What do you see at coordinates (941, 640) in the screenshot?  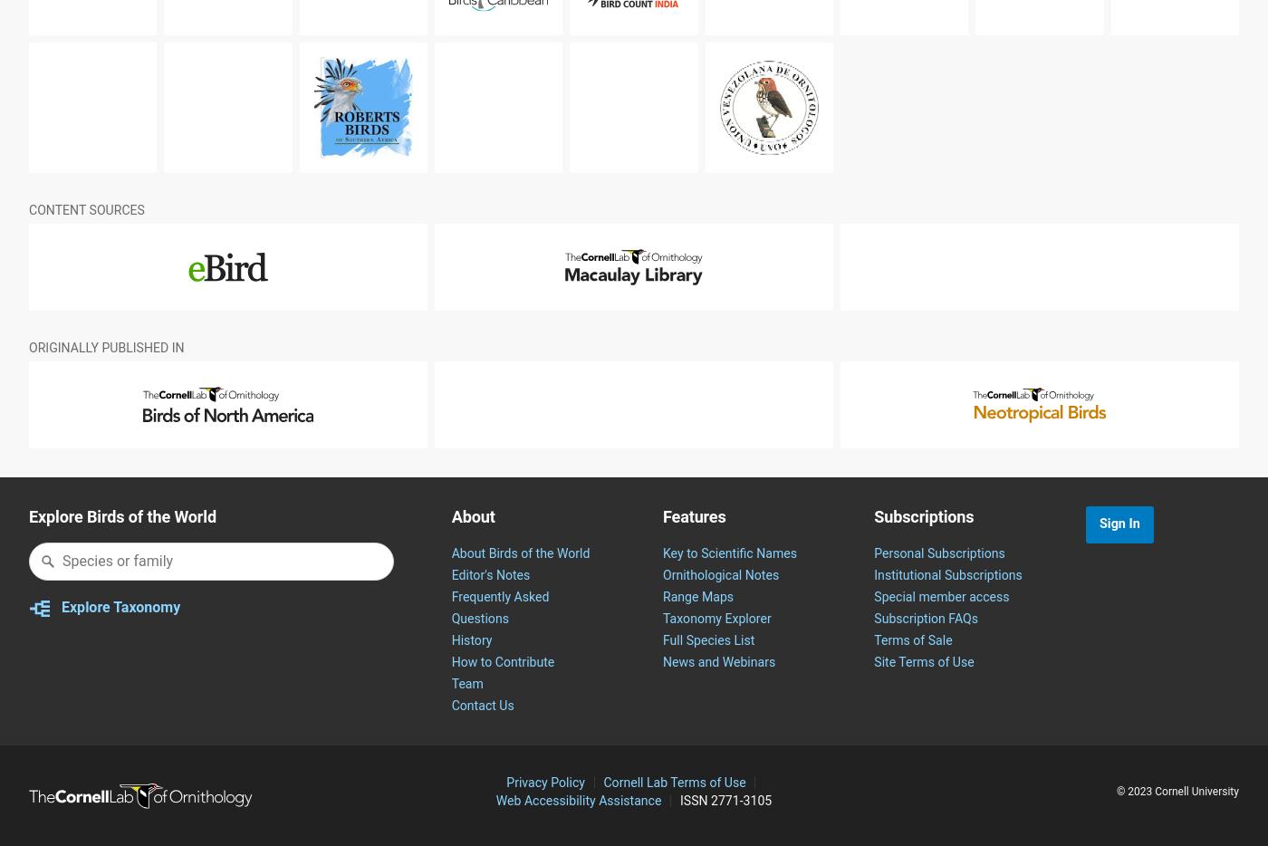 I see `'Special member access'` at bounding box center [941, 640].